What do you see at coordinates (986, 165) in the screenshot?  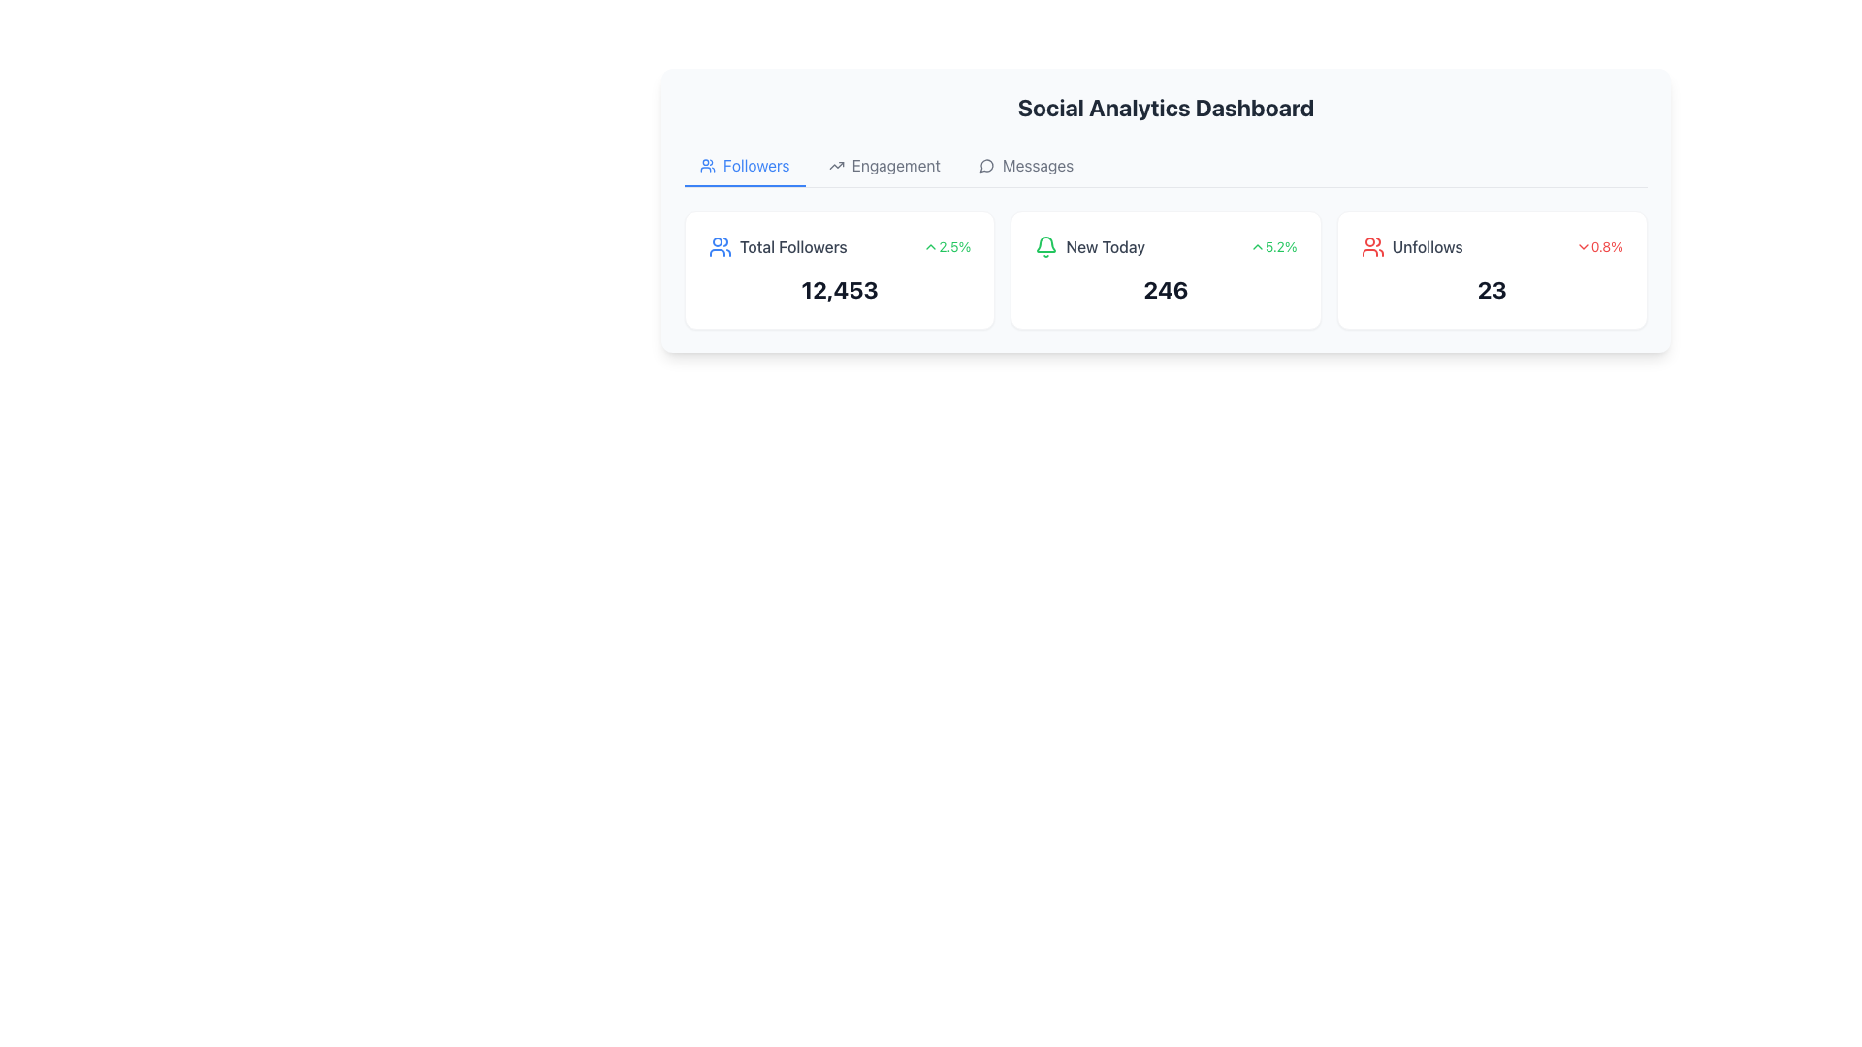 I see `the 'Messages' icon located in the top navigation bar of the analytics dashboard` at bounding box center [986, 165].